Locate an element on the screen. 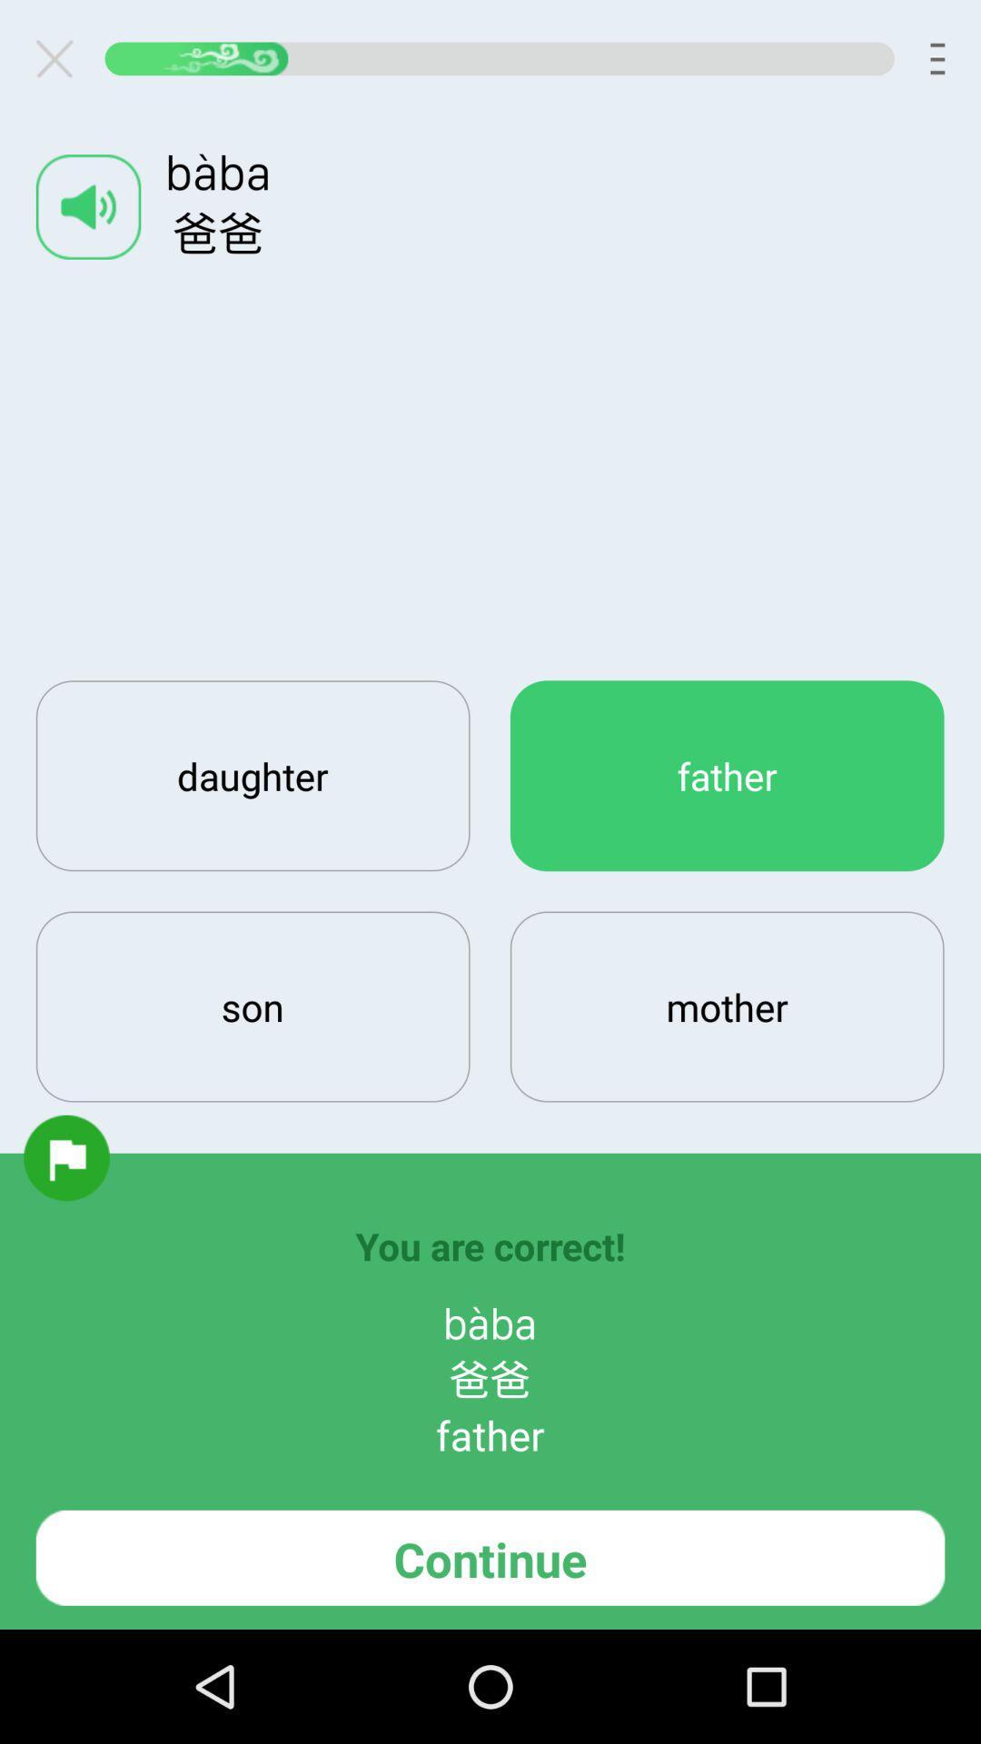  the folder icon is located at coordinates (65, 1238).